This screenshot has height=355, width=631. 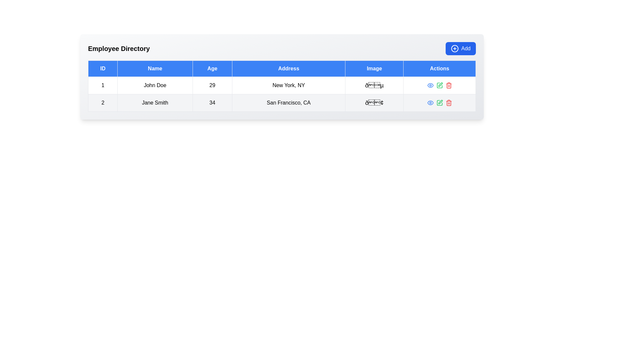 What do you see at coordinates (289, 103) in the screenshot?
I see `the 'Address' data field in the second row of the table, located in the fourth column under the 'Address' heading` at bounding box center [289, 103].